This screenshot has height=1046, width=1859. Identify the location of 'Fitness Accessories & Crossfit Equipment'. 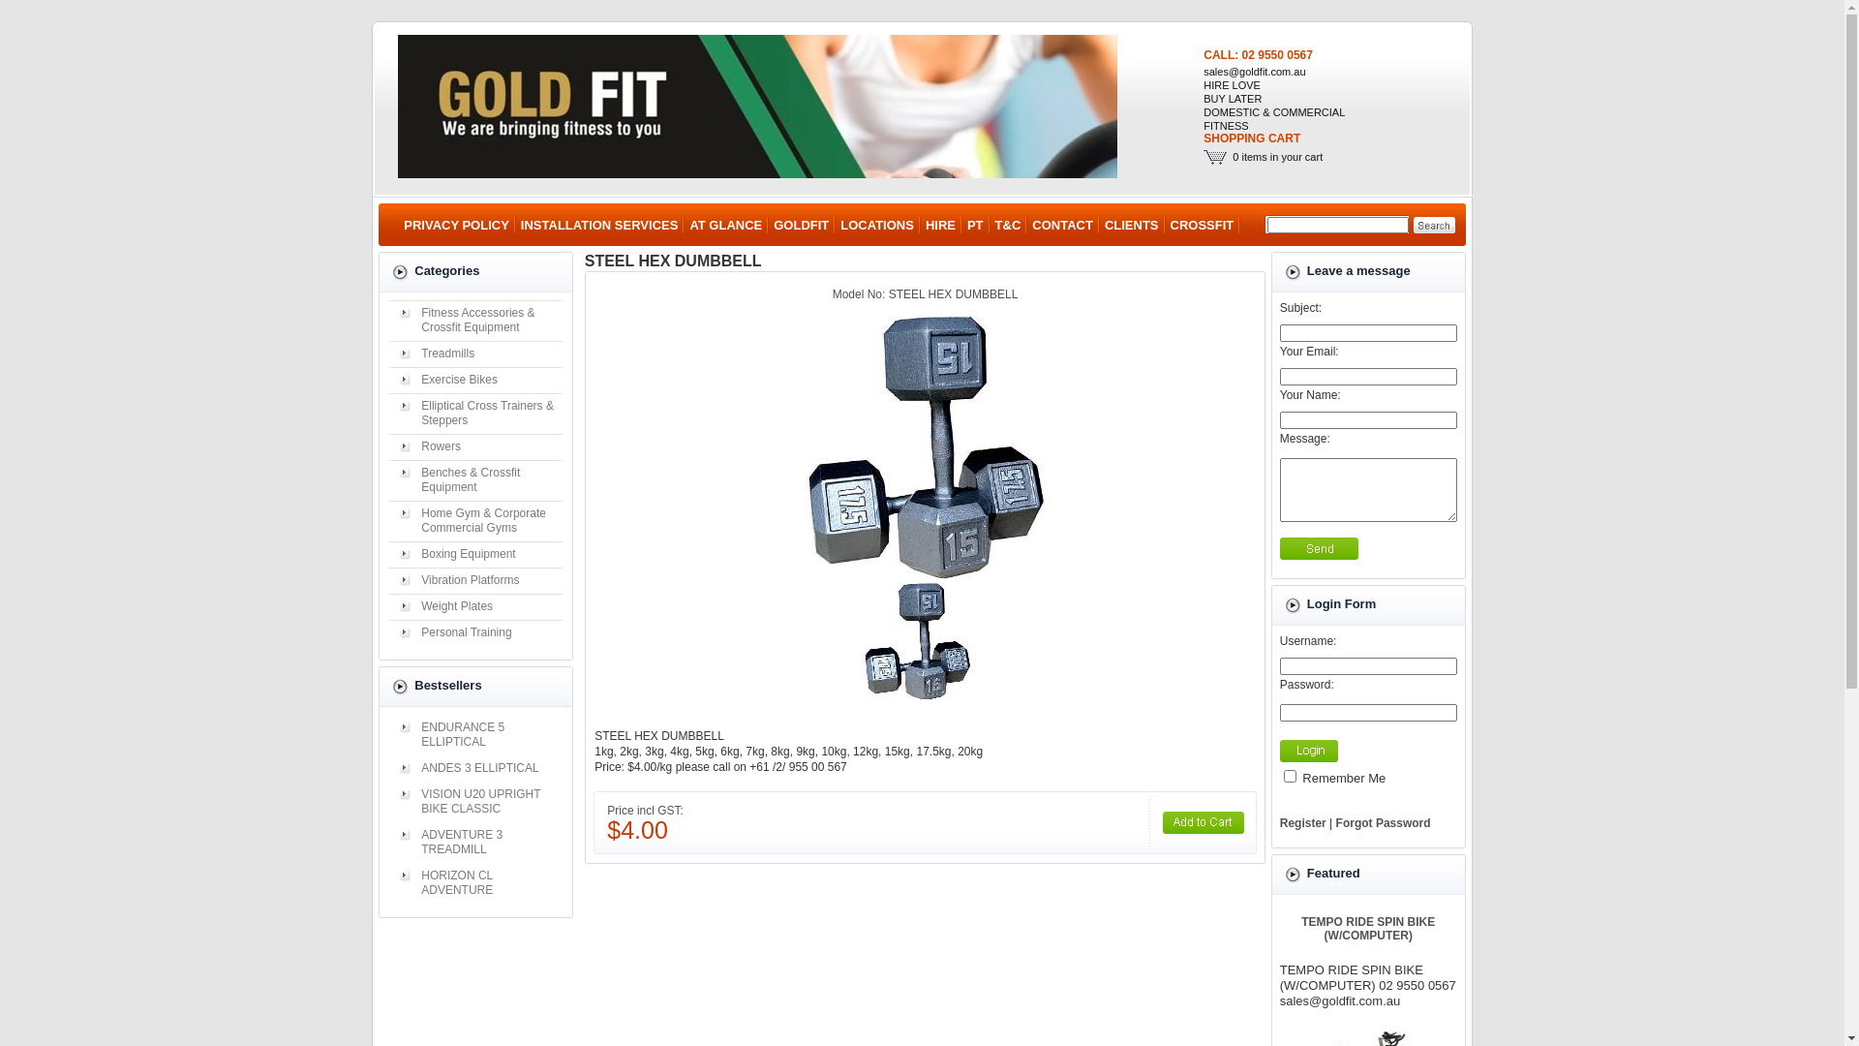
(475, 320).